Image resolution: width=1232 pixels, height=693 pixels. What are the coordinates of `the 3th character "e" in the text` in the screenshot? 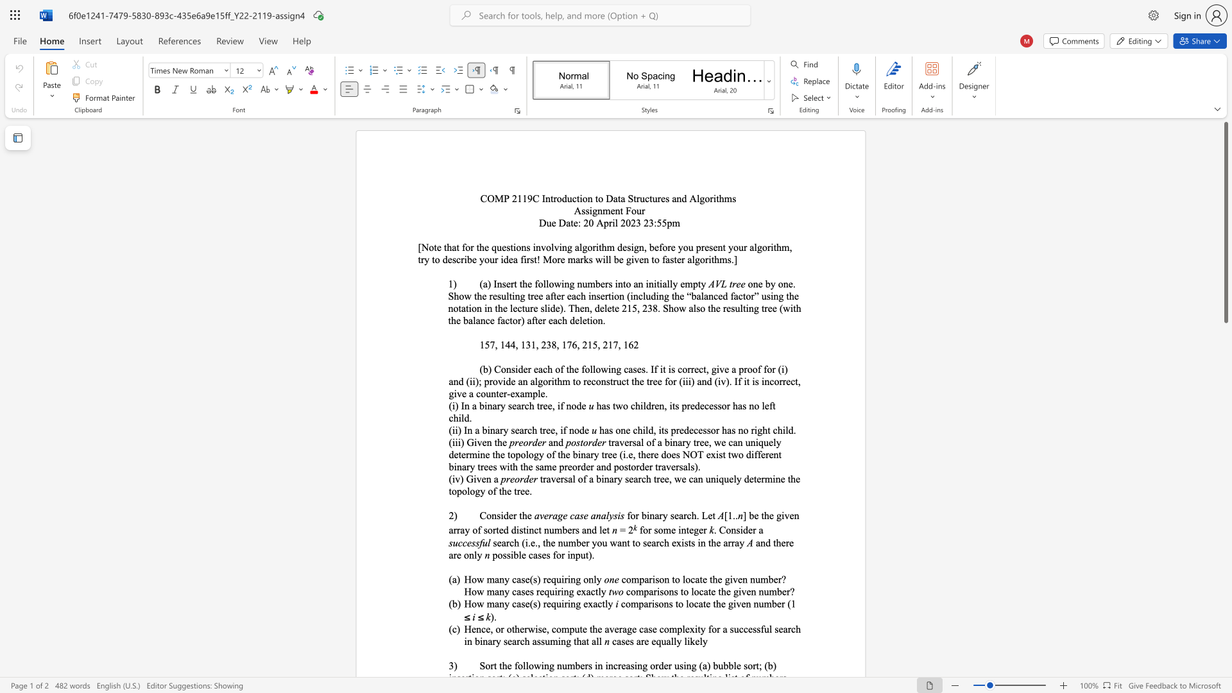 It's located at (791, 515).